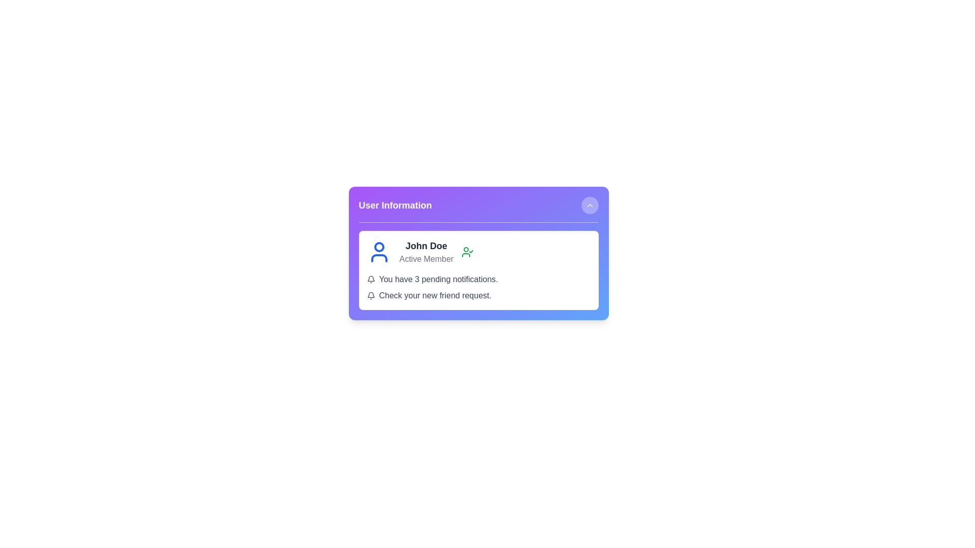  Describe the element at coordinates (370, 295) in the screenshot. I see `the notification icon located to the left of the text 'Check your new friend request.' in the 'User Information' card` at that location.